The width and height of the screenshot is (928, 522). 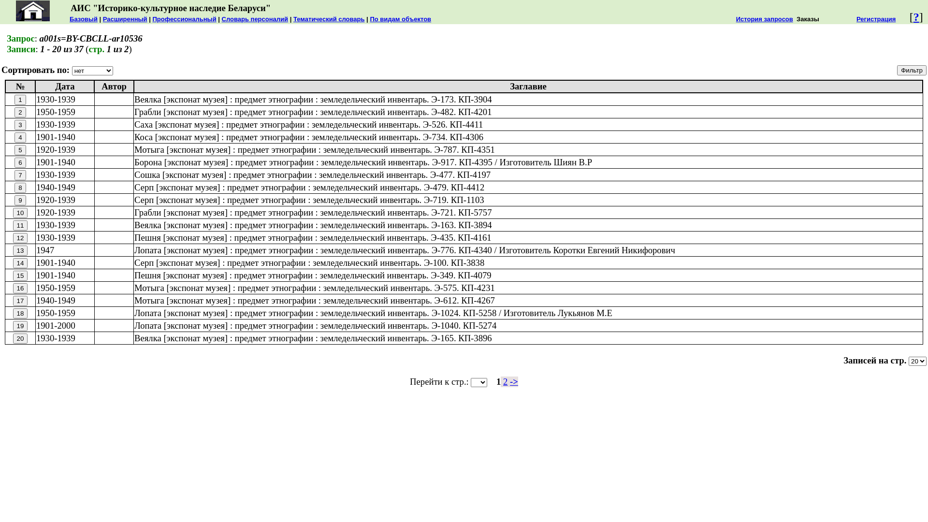 I want to click on '6', so click(x=20, y=162).